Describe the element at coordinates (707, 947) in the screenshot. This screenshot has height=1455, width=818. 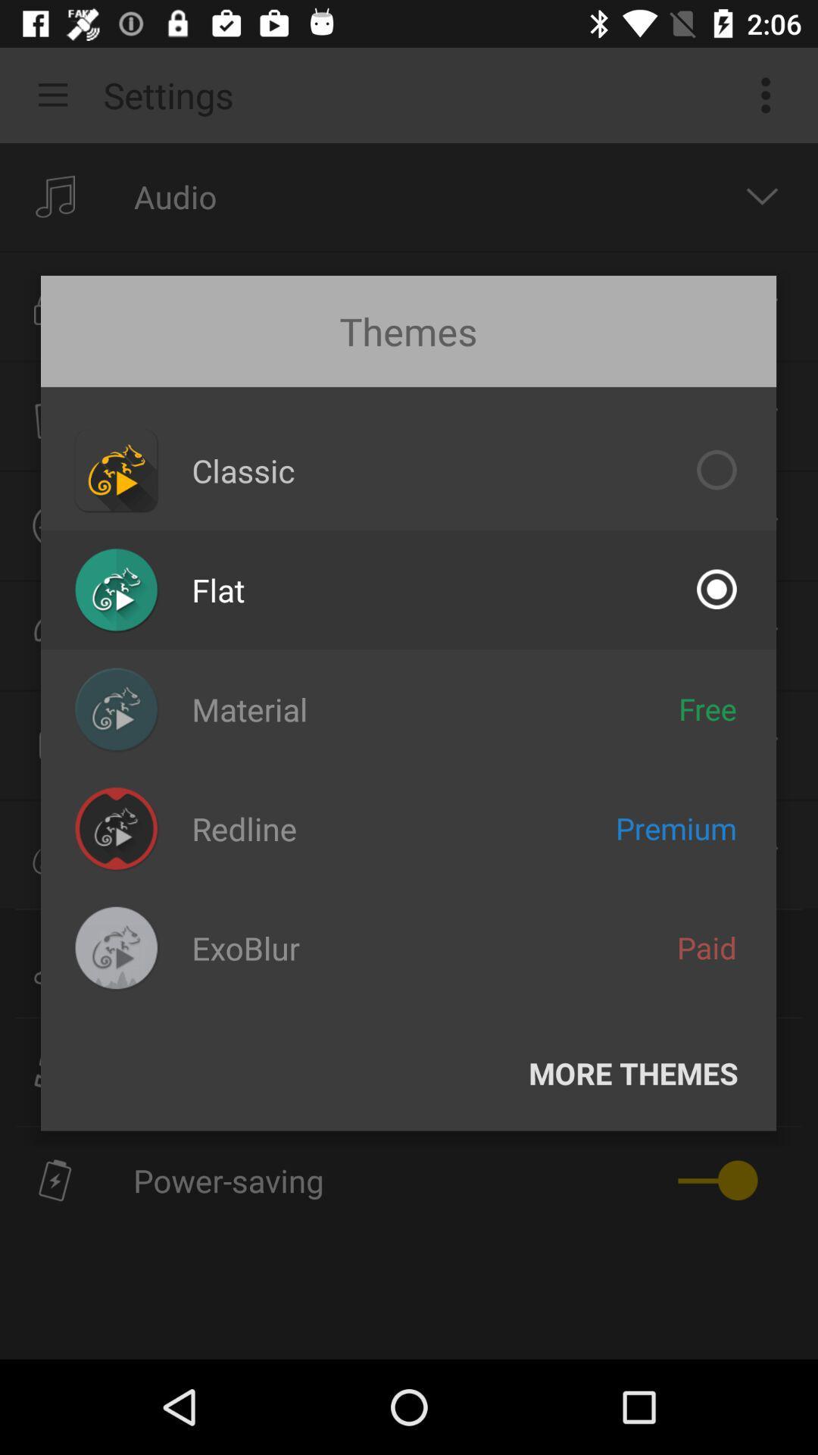
I see `paid icon` at that location.